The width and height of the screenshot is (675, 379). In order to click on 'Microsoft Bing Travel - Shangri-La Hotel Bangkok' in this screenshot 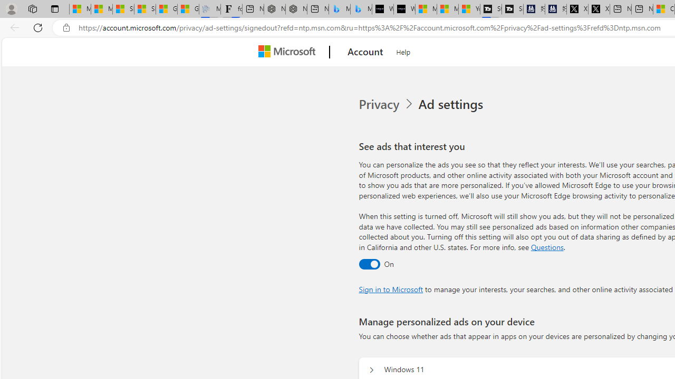, I will do `click(361, 9)`.